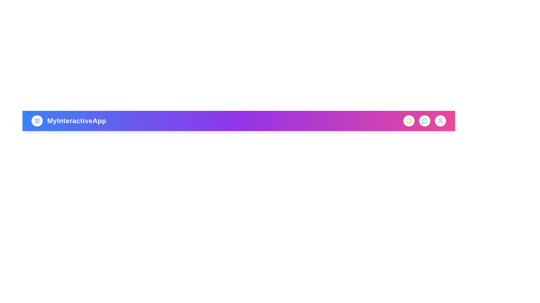 This screenshot has width=540, height=303. Describe the element at coordinates (37, 121) in the screenshot. I see `the menu button to toggle the menu` at that location.